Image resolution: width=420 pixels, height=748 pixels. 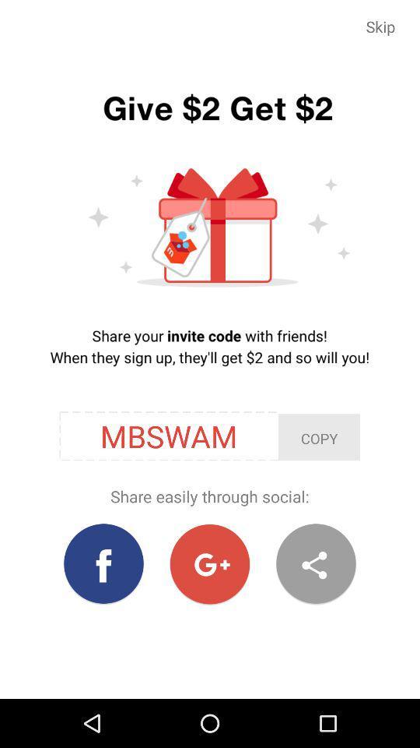 I want to click on the share icon, so click(x=315, y=563).